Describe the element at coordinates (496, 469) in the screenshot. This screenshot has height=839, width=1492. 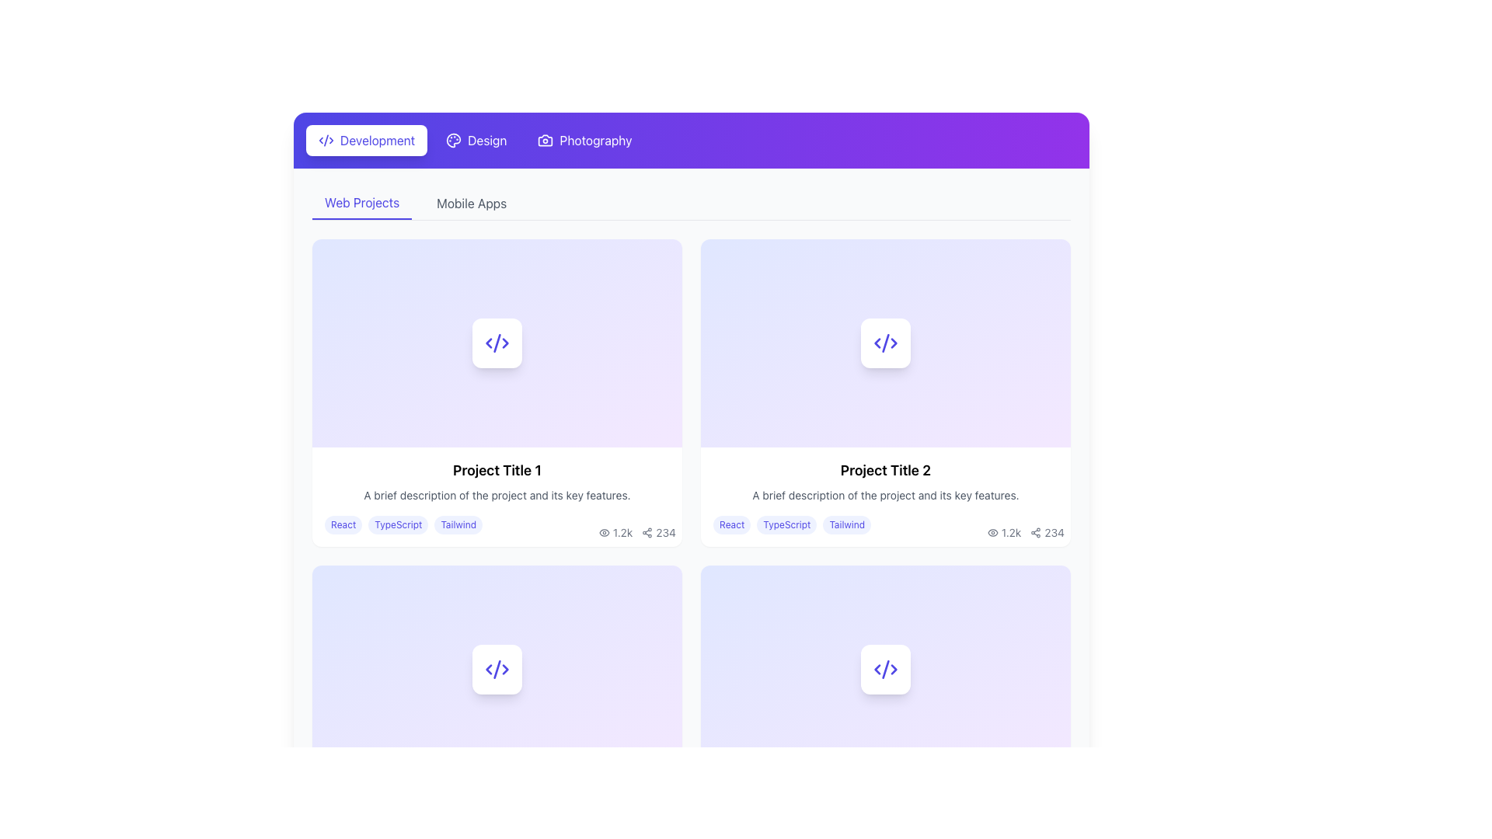
I see `the title Text label of the first project card in the grid layout, which provides a quick identifier for the project` at that location.